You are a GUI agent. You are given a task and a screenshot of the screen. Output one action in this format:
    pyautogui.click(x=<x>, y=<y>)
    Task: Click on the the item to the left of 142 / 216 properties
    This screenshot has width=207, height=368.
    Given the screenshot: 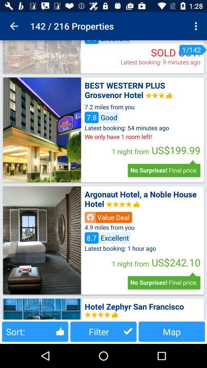 What is the action you would take?
    pyautogui.click(x=14, y=26)
    